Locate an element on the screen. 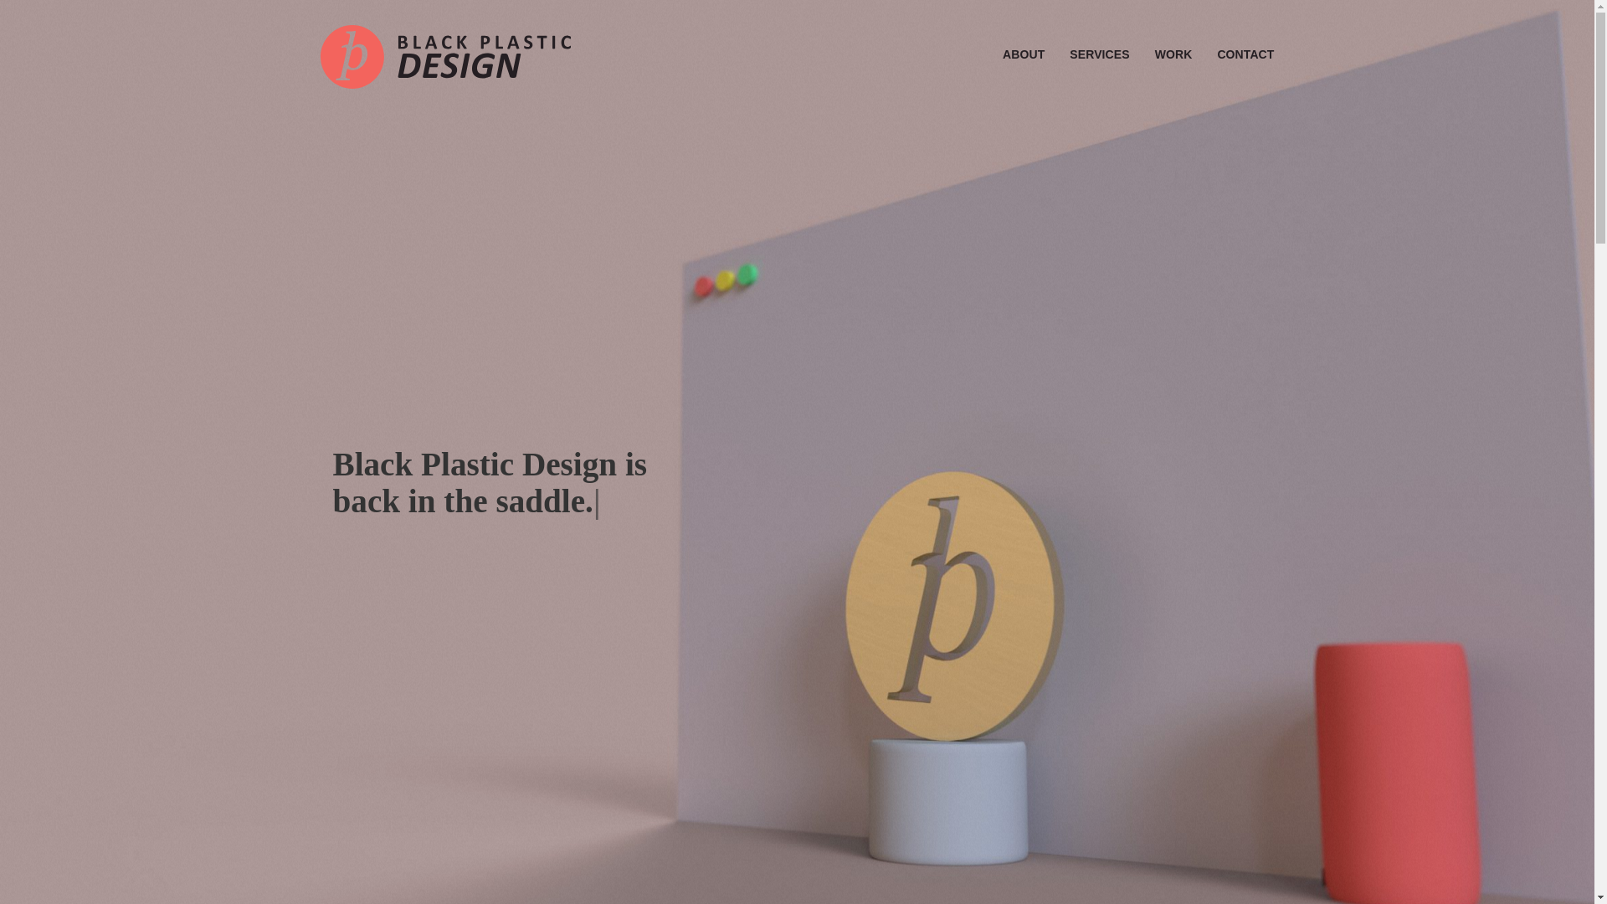 This screenshot has width=1607, height=904. 'ABOUT' is located at coordinates (1023, 54).